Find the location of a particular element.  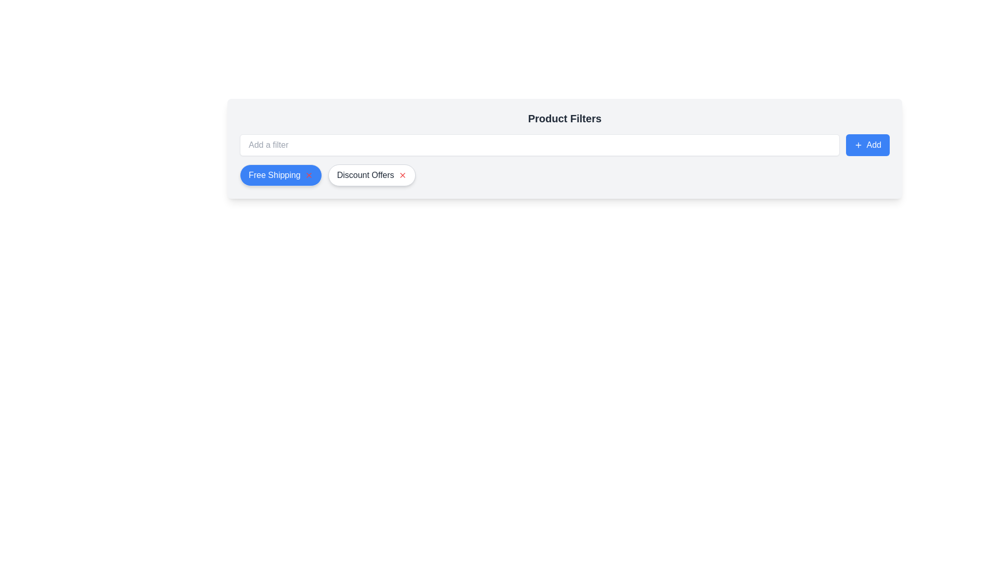

the small red 'X' icon on the blue button labeled 'Free Shipping' is located at coordinates (308, 174).